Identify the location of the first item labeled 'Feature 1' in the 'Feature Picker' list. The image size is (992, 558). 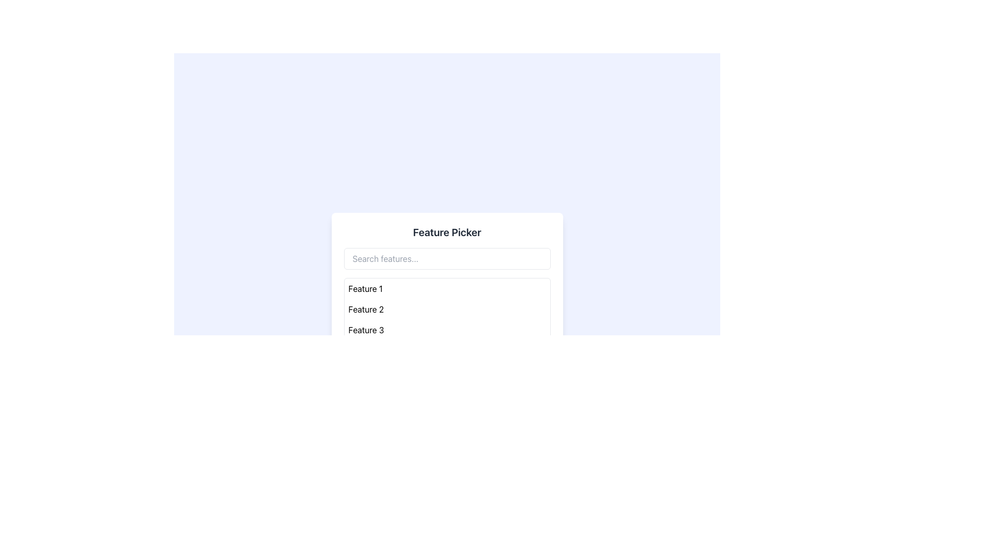
(447, 289).